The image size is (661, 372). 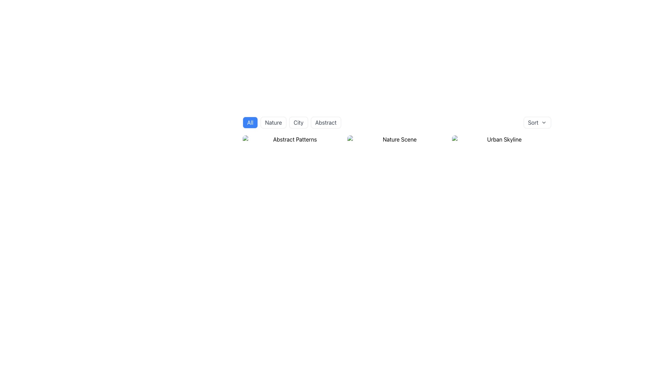 What do you see at coordinates (397, 122) in the screenshot?
I see `the 'Sort' button in the navigation and sorting control` at bounding box center [397, 122].